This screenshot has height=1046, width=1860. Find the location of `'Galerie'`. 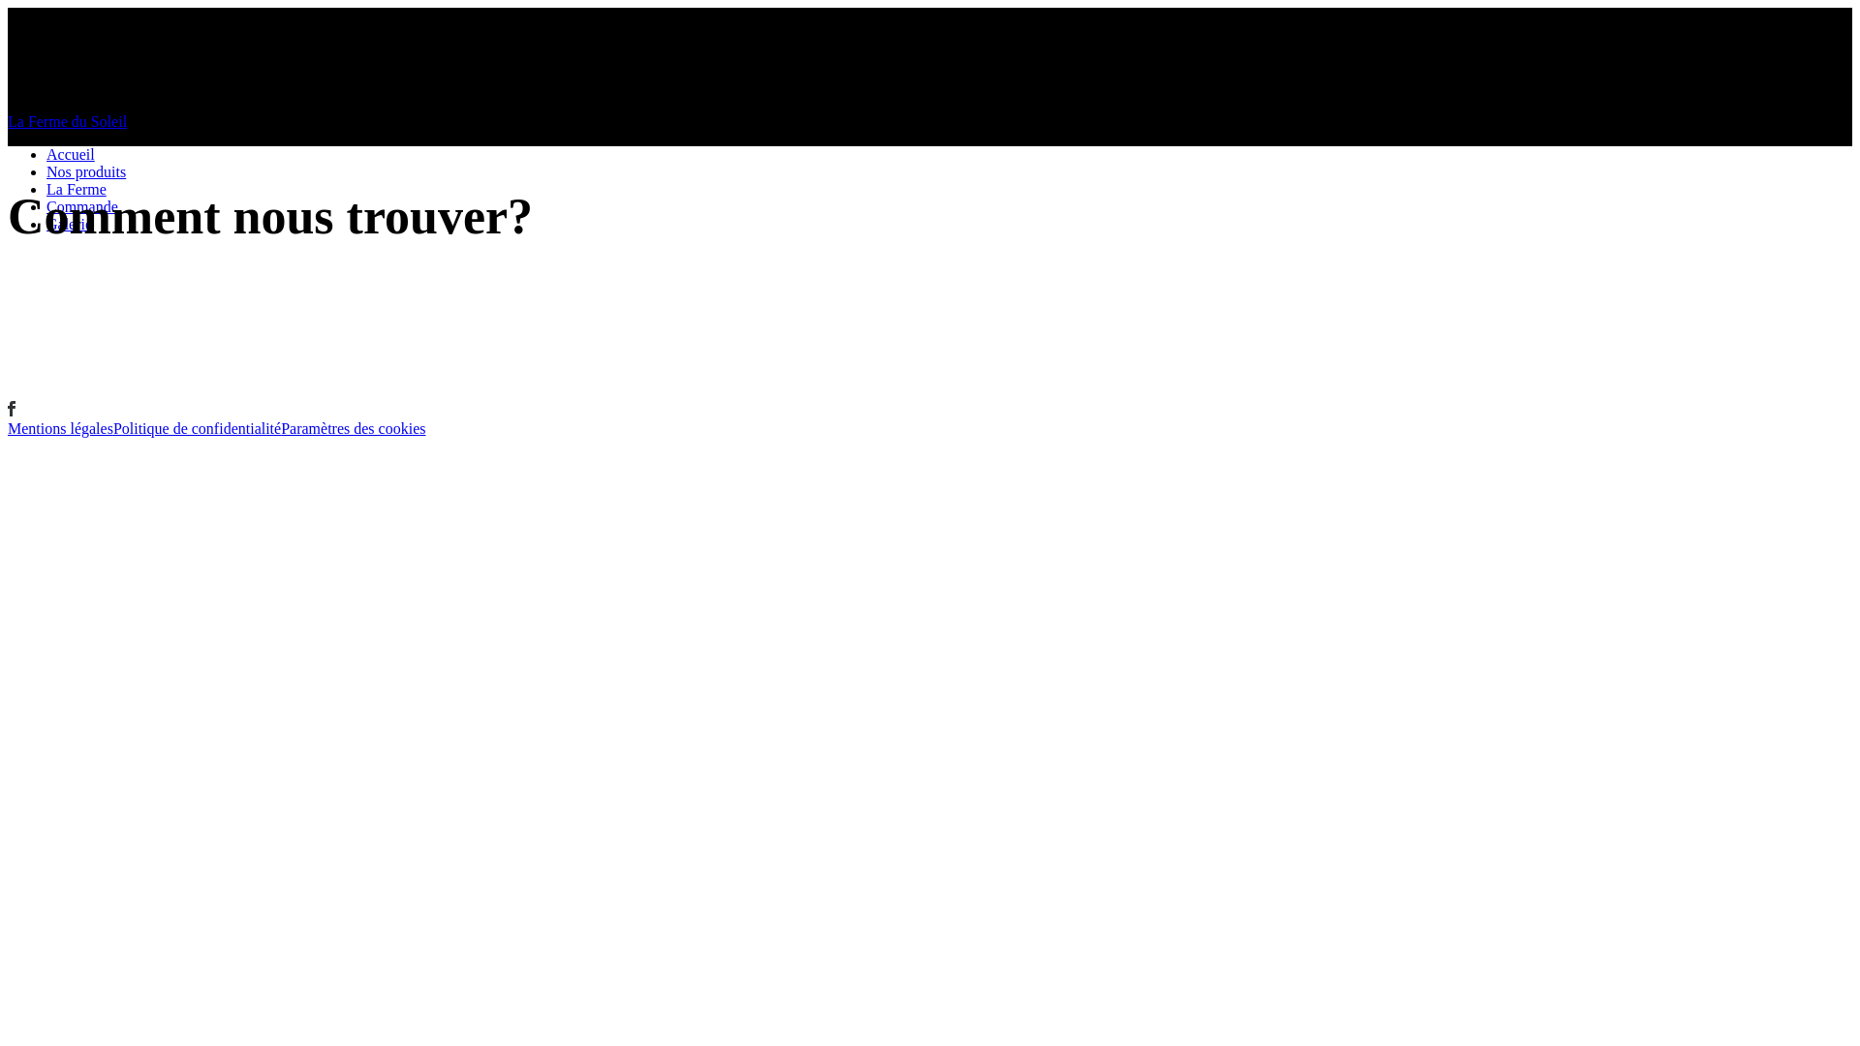

'Galerie' is located at coordinates (69, 223).